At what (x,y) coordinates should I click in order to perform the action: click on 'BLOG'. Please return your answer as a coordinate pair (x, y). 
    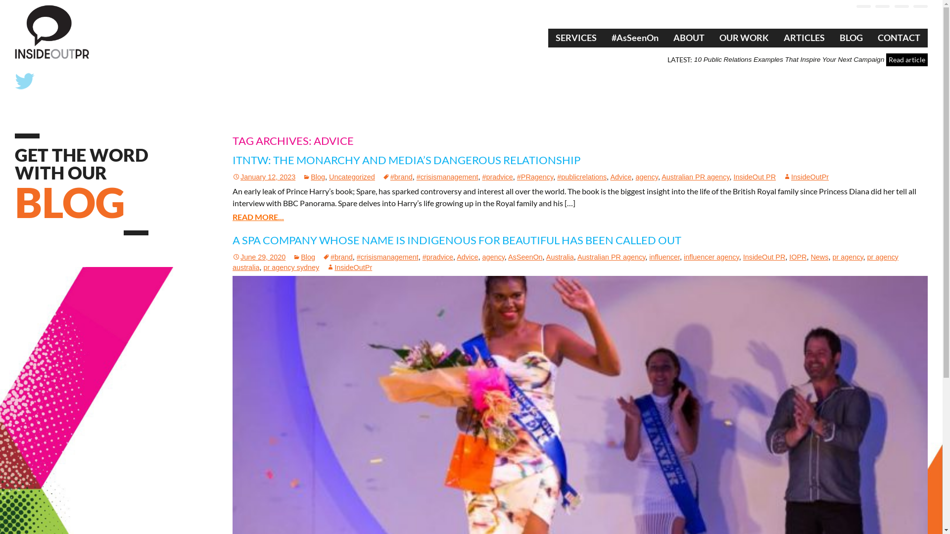
    Looking at the image, I should click on (851, 38).